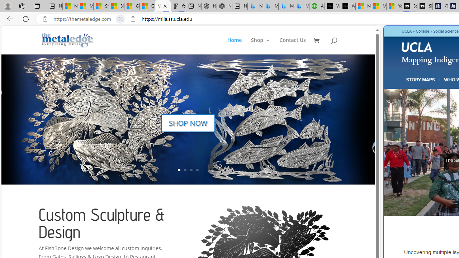 This screenshot has width=459, height=258. Describe the element at coordinates (417, 48) in the screenshot. I see `'UCLA logo'` at that location.